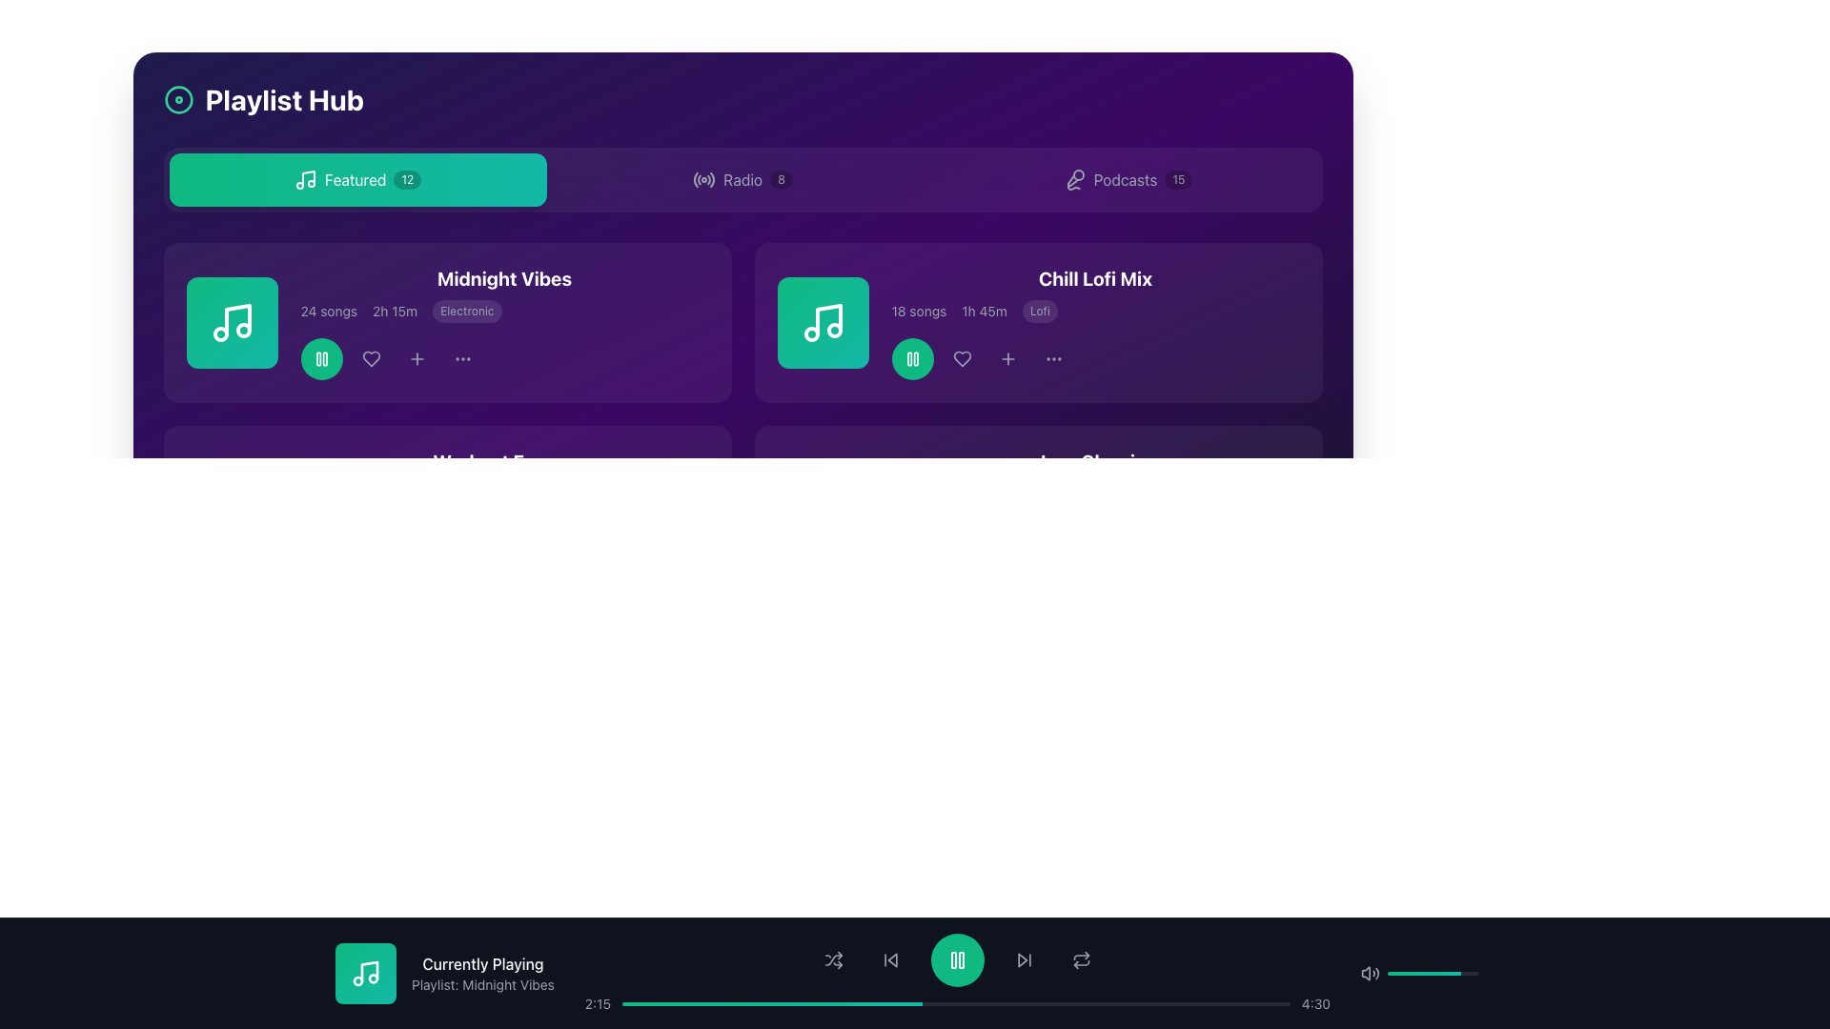  What do you see at coordinates (220, 517) in the screenshot?
I see `the leftmost circular decorative graphic element of the musical note symbol, which is part of the visual representation in the 'Currently Playing' section of the bottom bar` at bounding box center [220, 517].